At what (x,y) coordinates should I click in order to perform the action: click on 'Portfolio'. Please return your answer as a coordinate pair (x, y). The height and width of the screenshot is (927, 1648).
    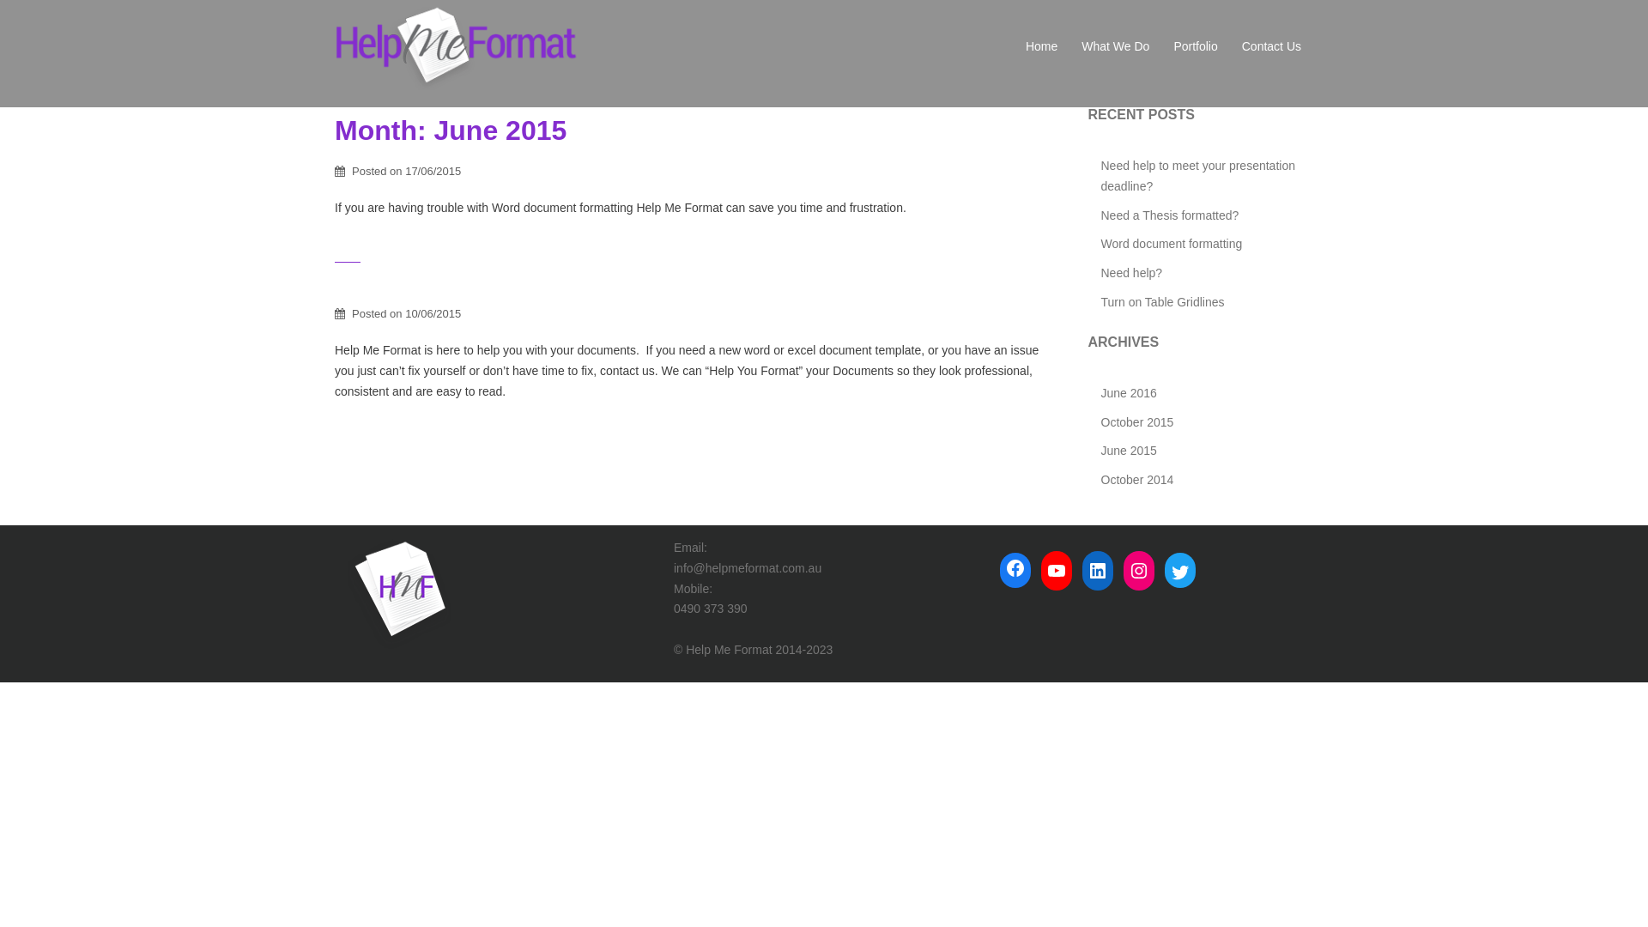
    Looking at the image, I should click on (1194, 45).